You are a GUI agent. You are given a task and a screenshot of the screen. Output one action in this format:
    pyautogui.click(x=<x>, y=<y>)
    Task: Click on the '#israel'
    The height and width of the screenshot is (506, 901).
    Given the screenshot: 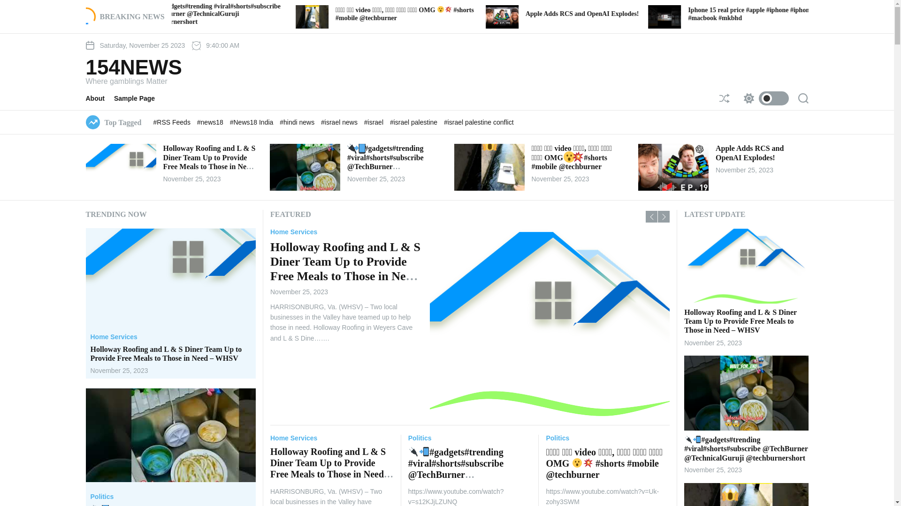 What is the action you would take?
    pyautogui.click(x=374, y=122)
    